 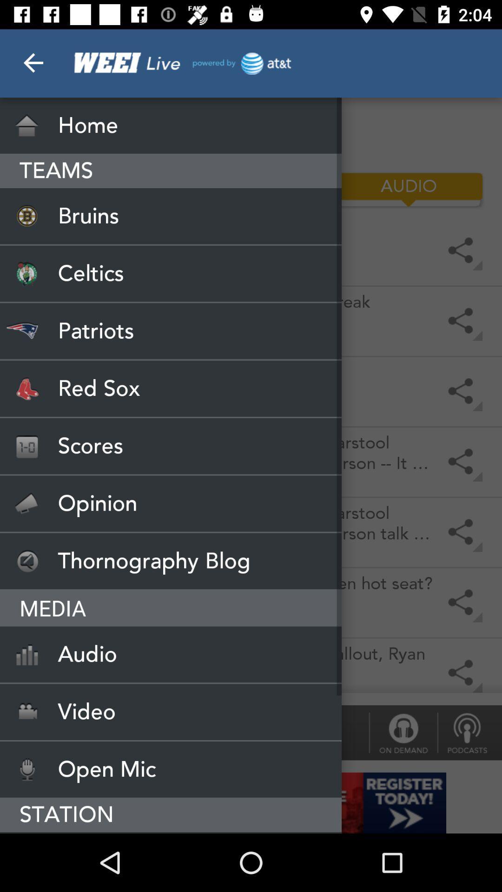 What do you see at coordinates (171, 769) in the screenshot?
I see `item above the station icon` at bounding box center [171, 769].